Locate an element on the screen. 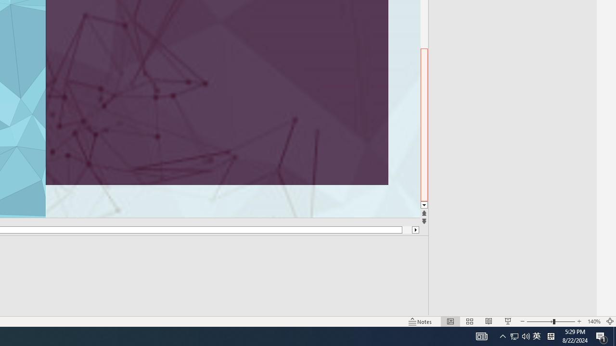  'Zoom 140%' is located at coordinates (593, 321).